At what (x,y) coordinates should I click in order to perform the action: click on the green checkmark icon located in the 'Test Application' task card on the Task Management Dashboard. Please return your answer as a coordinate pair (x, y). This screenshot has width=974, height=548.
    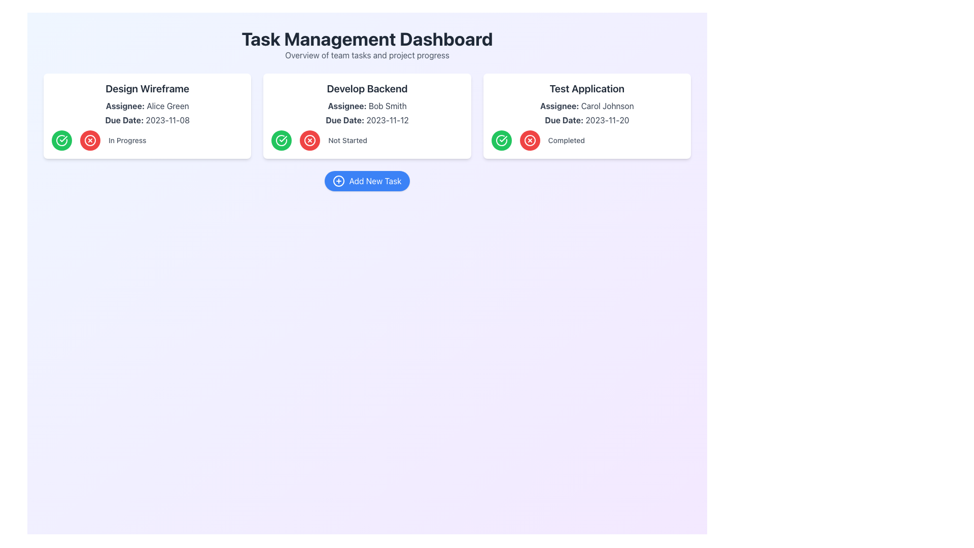
    Looking at the image, I should click on (503, 139).